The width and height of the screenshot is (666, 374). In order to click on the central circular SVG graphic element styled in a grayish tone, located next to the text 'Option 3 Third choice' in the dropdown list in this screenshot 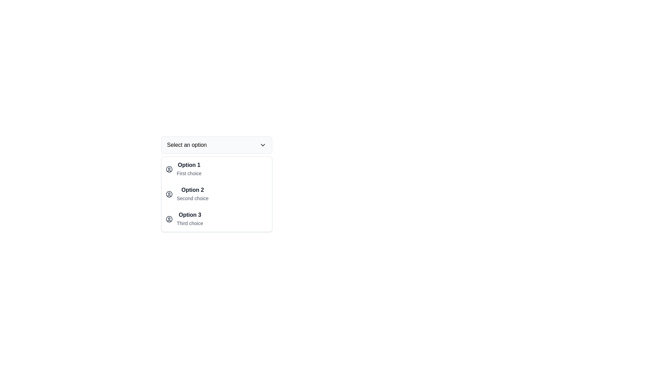, I will do `click(169, 219)`.